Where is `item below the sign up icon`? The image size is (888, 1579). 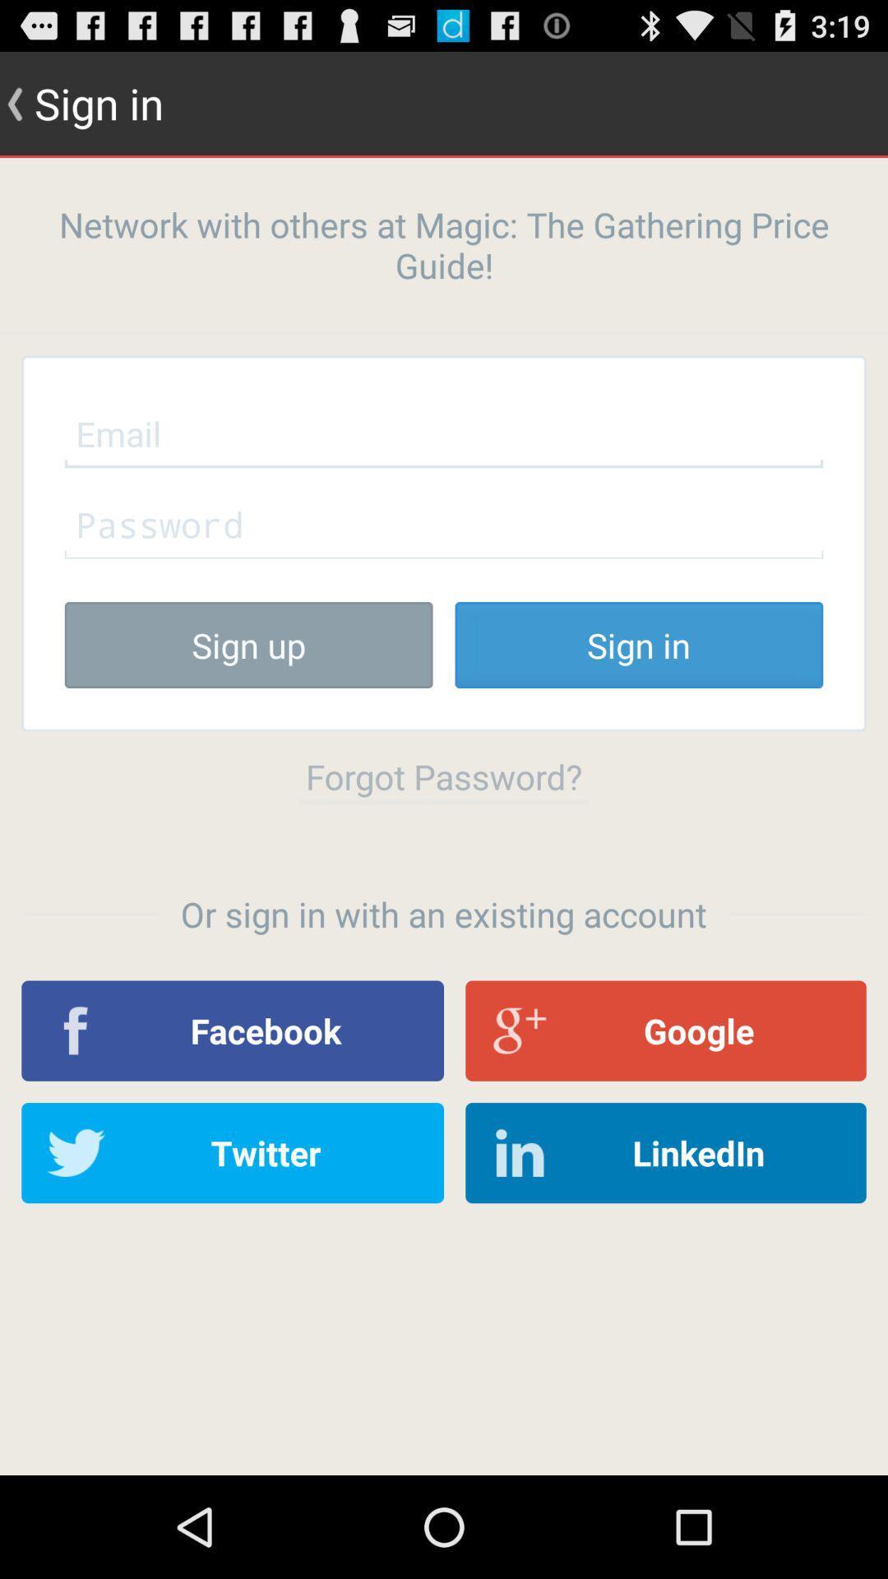 item below the sign up icon is located at coordinates (444, 776).